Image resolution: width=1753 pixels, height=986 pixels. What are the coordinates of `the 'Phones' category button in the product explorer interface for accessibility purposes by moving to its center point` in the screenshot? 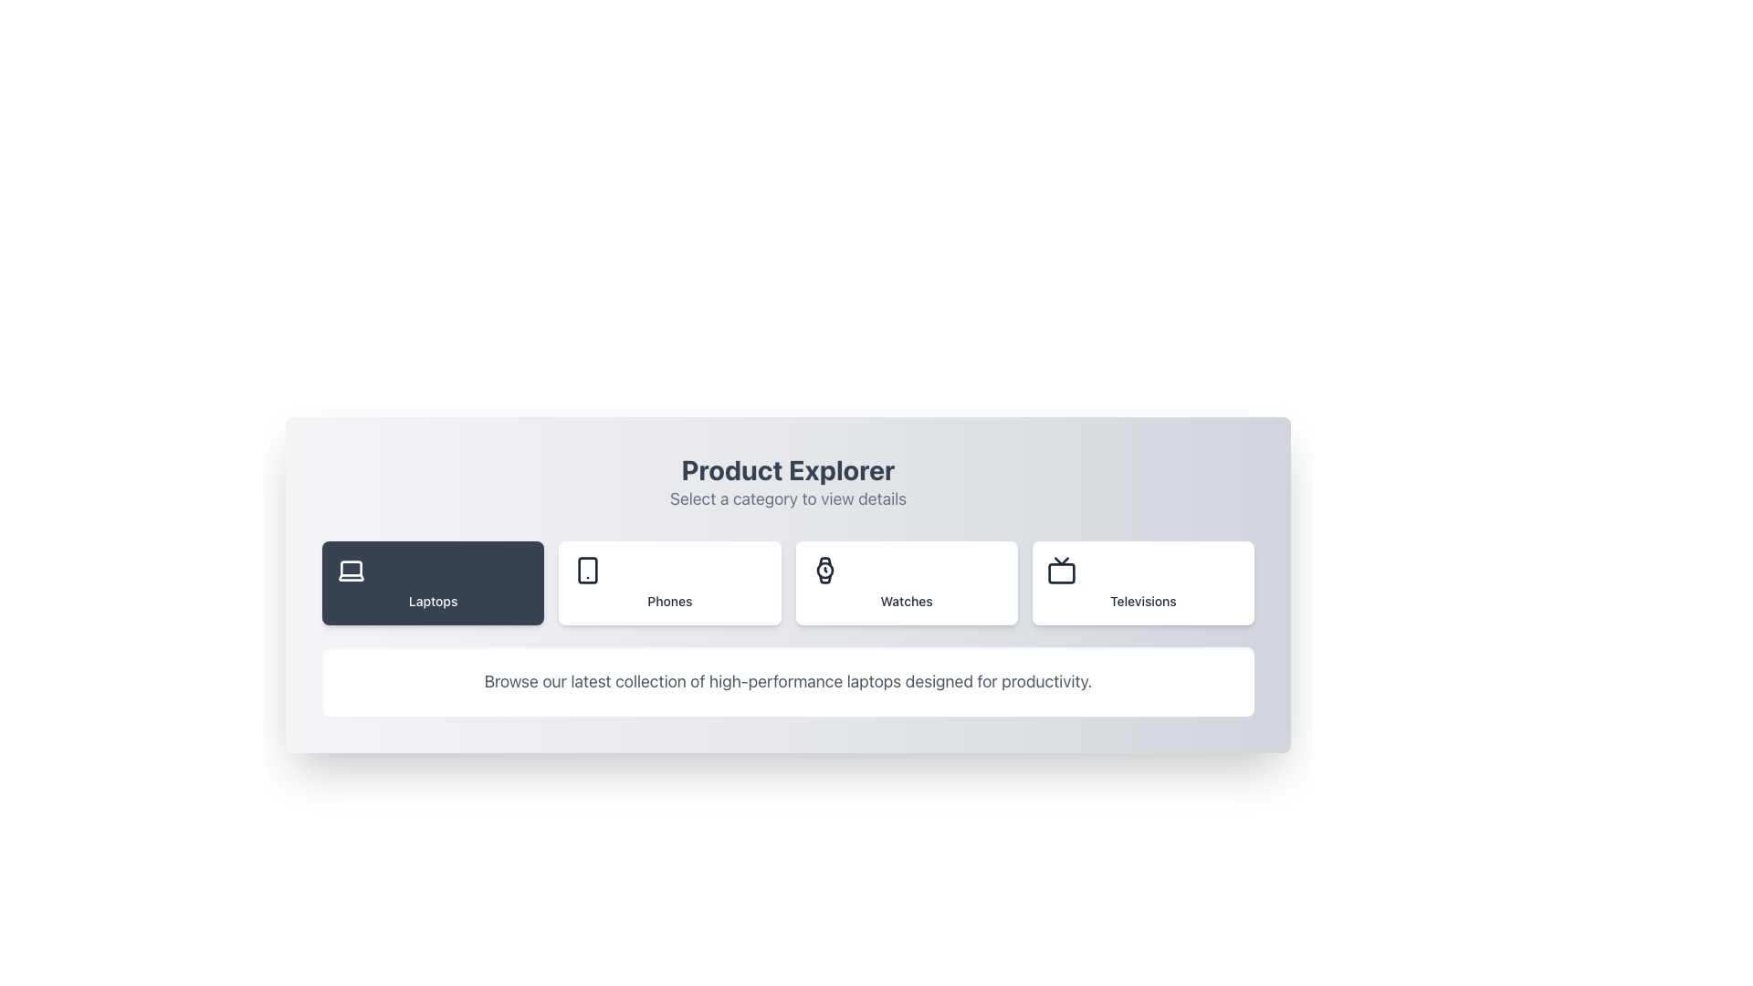 It's located at (668, 583).